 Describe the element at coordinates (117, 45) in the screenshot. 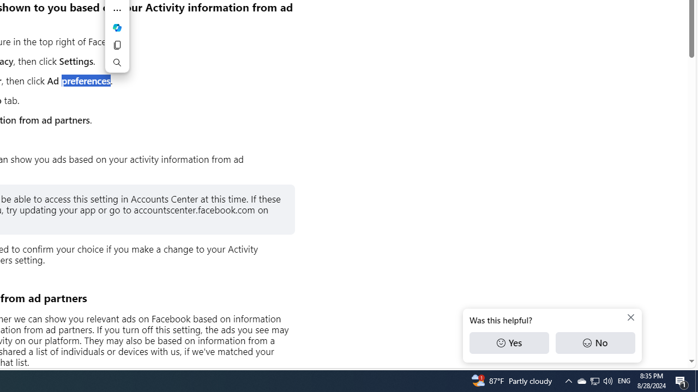

I see `'Copy'` at that location.